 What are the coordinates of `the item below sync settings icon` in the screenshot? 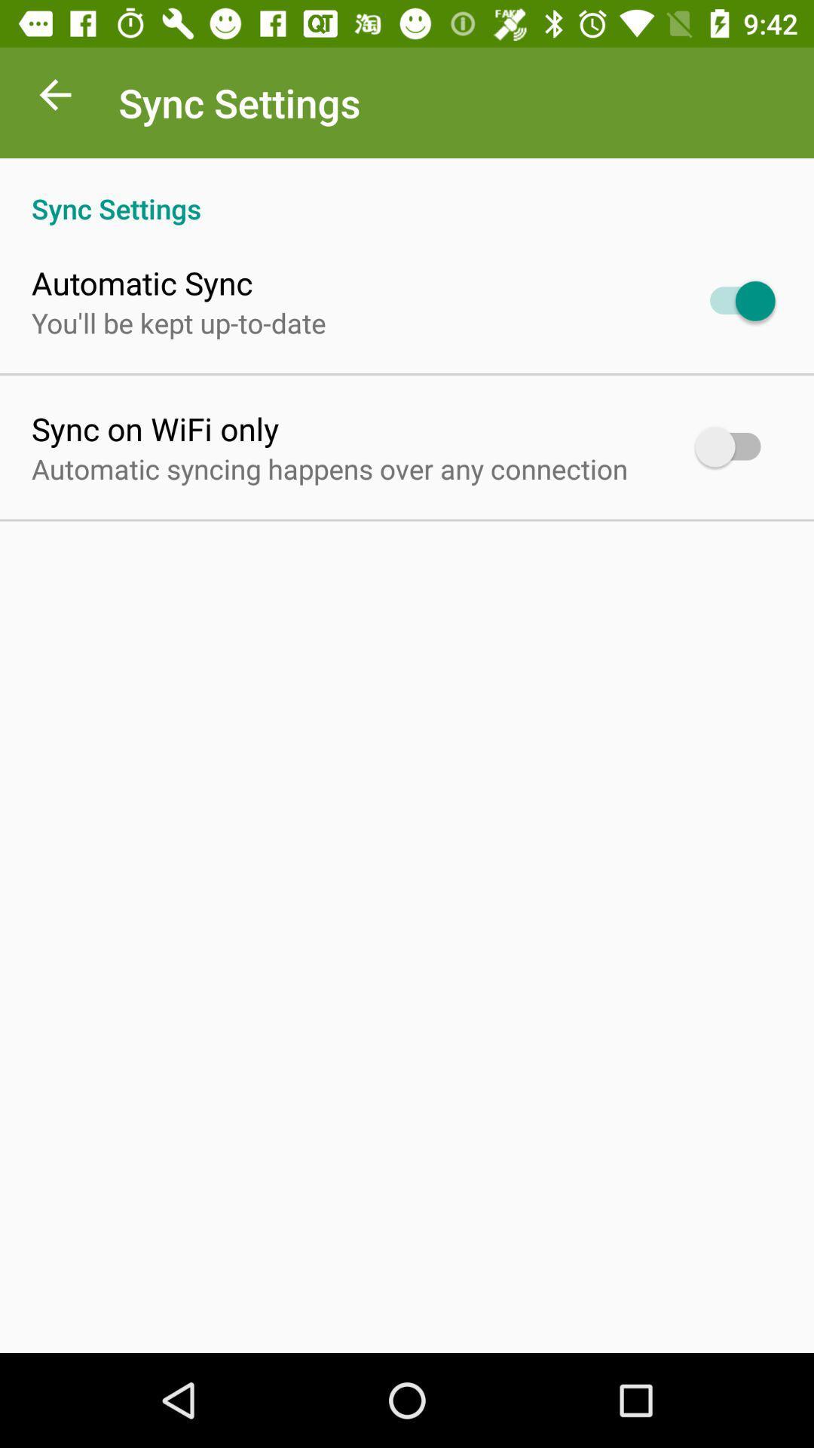 It's located at (142, 282).